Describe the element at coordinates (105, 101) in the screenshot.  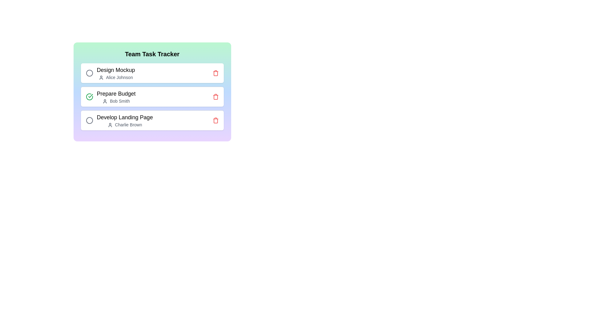
I see `the user icon associated with Prepare Budget` at that location.